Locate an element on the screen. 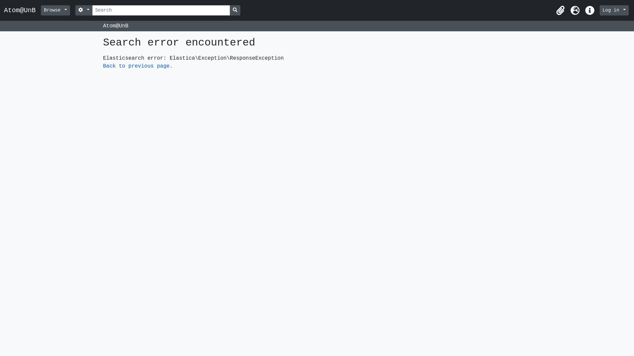 The width and height of the screenshot is (634, 356). 'Atom@UnB' is located at coordinates (4, 10).